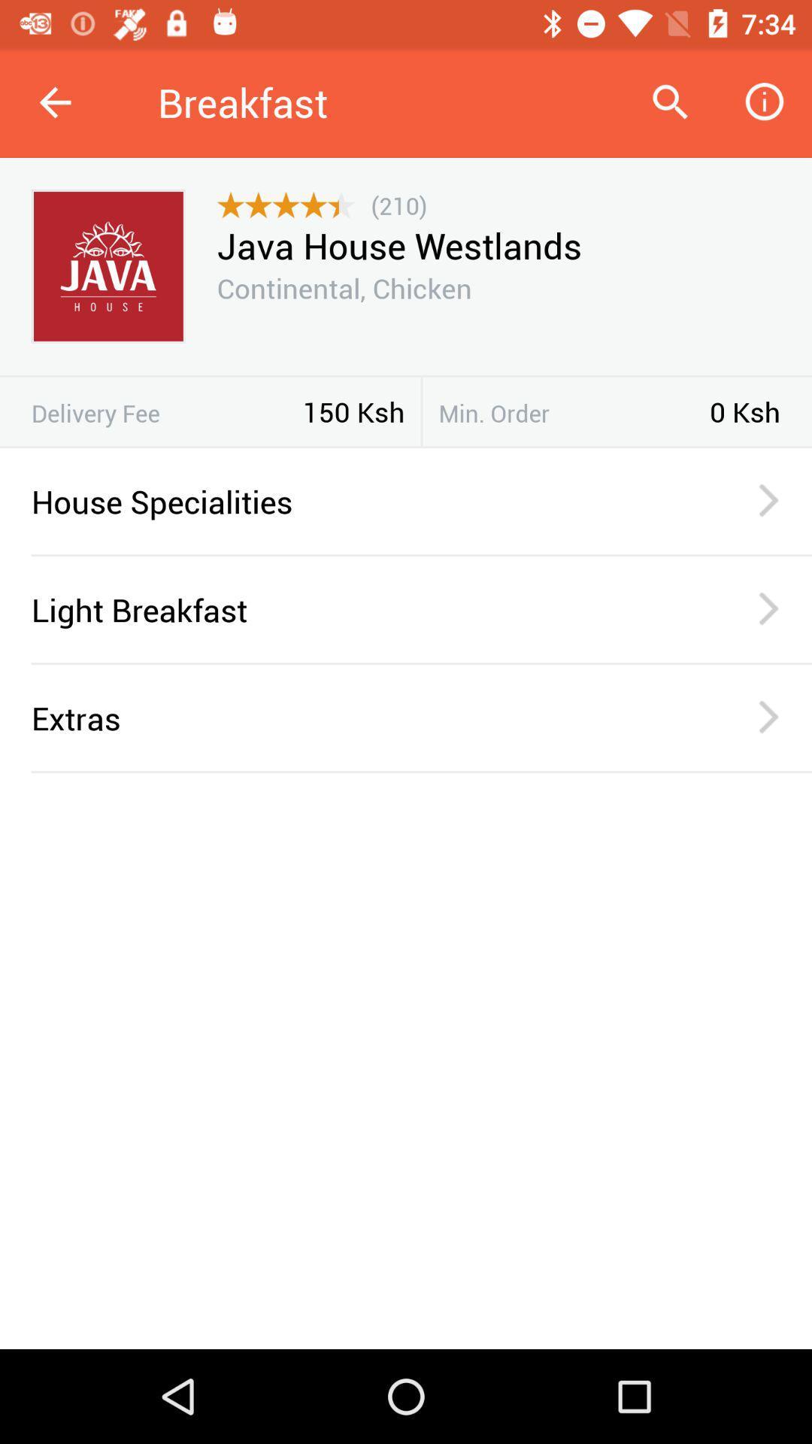 The height and width of the screenshot is (1444, 812). What do you see at coordinates (362, 609) in the screenshot?
I see `the light breakfast icon` at bounding box center [362, 609].